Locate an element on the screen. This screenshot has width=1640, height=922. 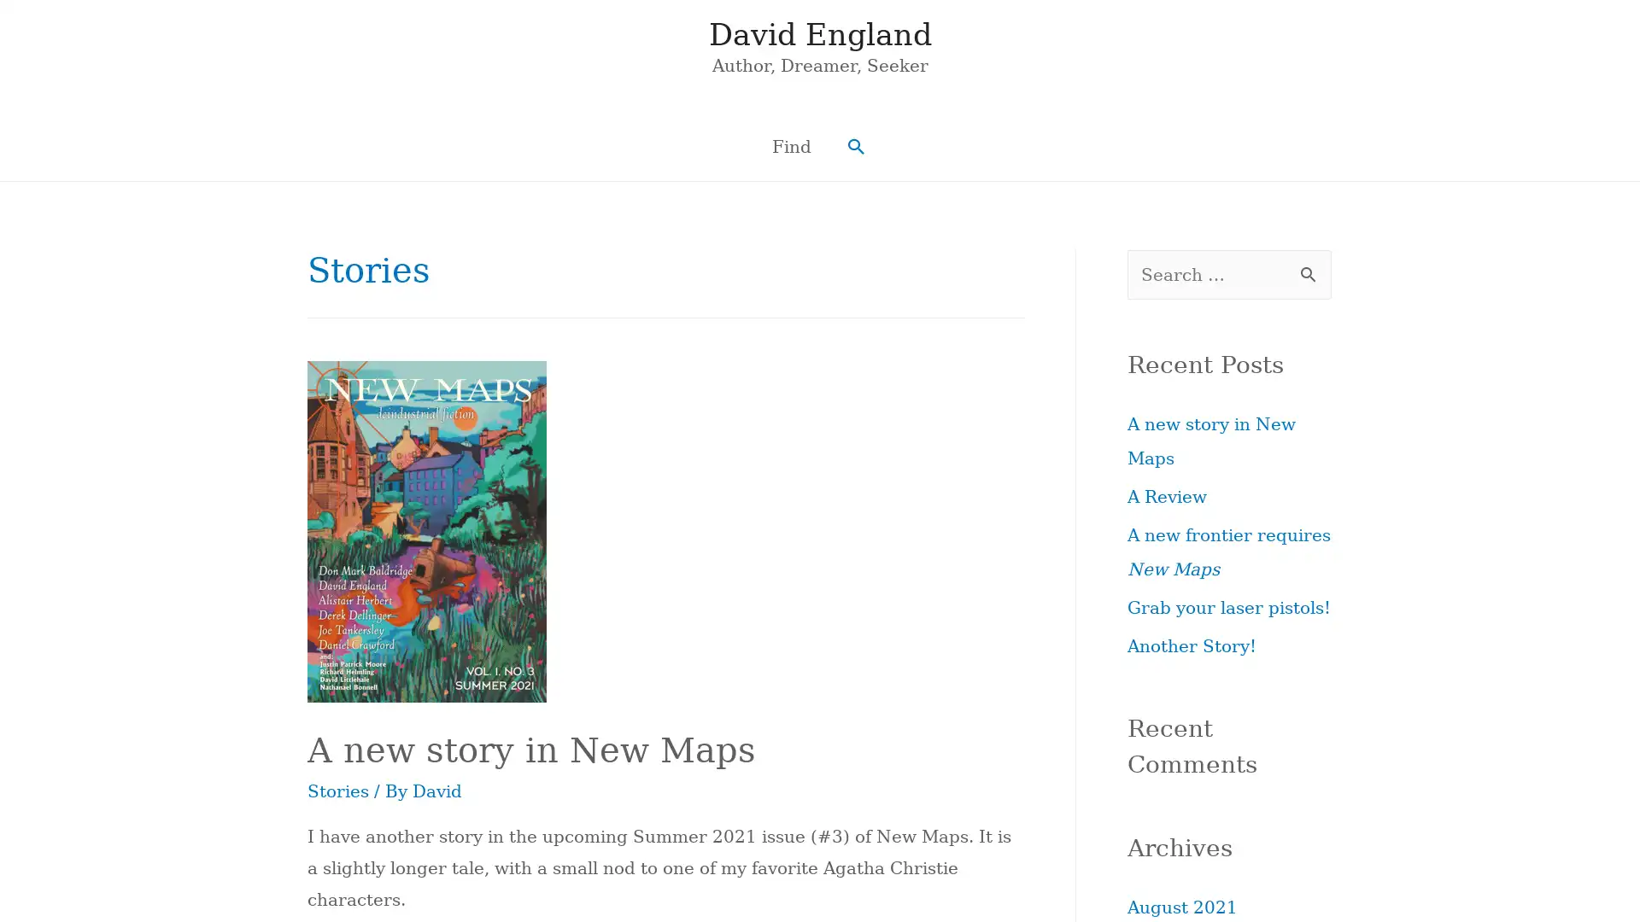
Search is located at coordinates (1311, 276).